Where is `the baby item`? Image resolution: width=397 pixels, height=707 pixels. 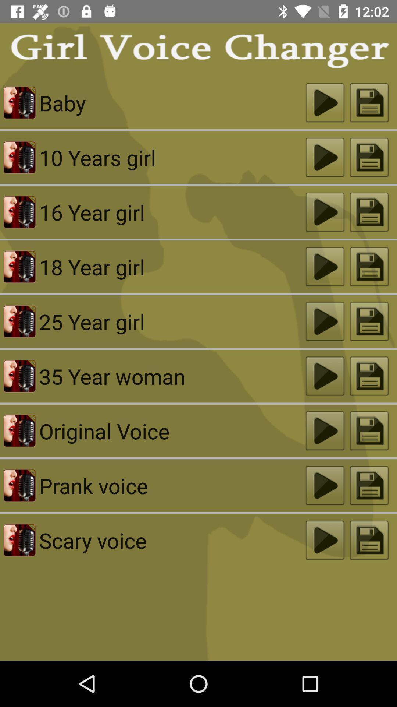
the baby item is located at coordinates (172, 102).